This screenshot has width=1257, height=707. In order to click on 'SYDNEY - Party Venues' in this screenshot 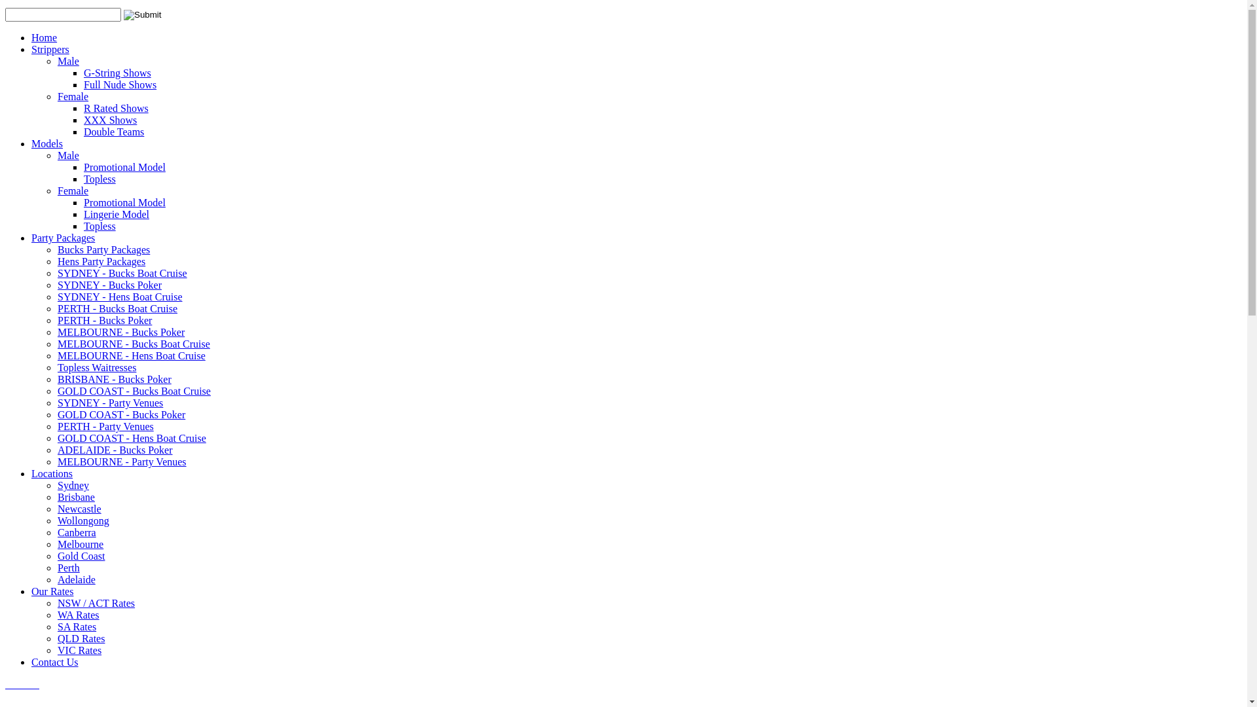, I will do `click(110, 402)`.